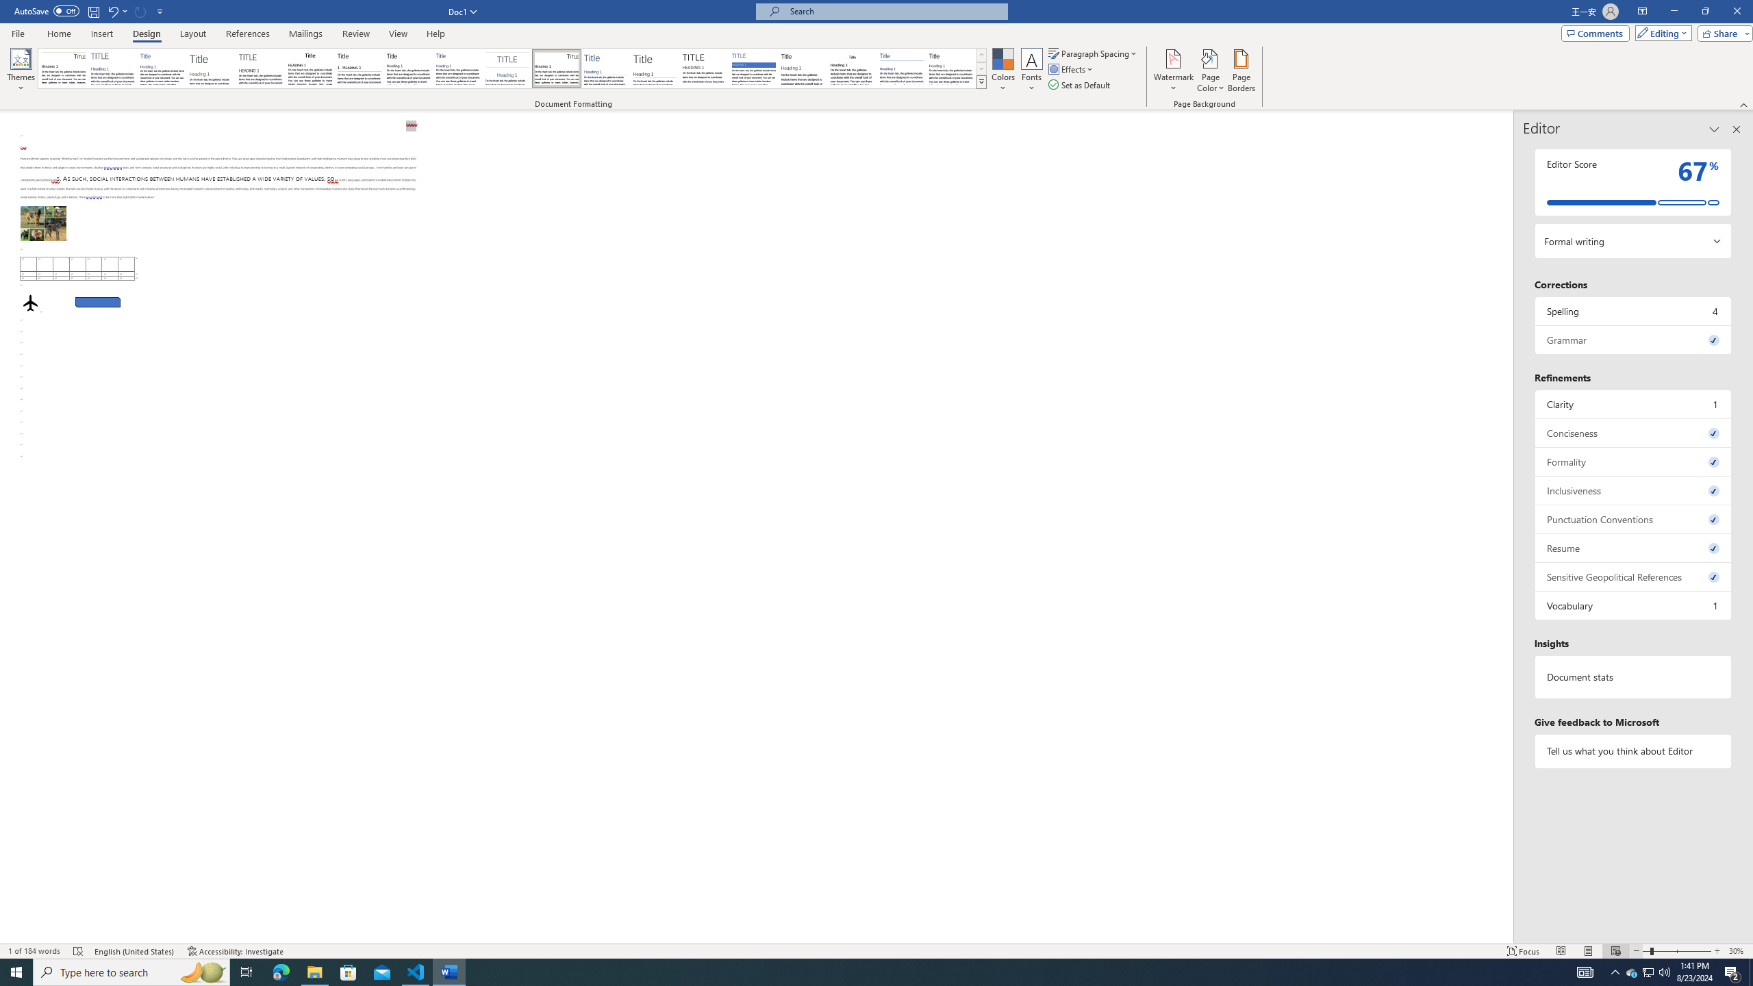 Image resolution: width=1753 pixels, height=986 pixels. Describe the element at coordinates (47, 10) in the screenshot. I see `'AutoSave'` at that location.